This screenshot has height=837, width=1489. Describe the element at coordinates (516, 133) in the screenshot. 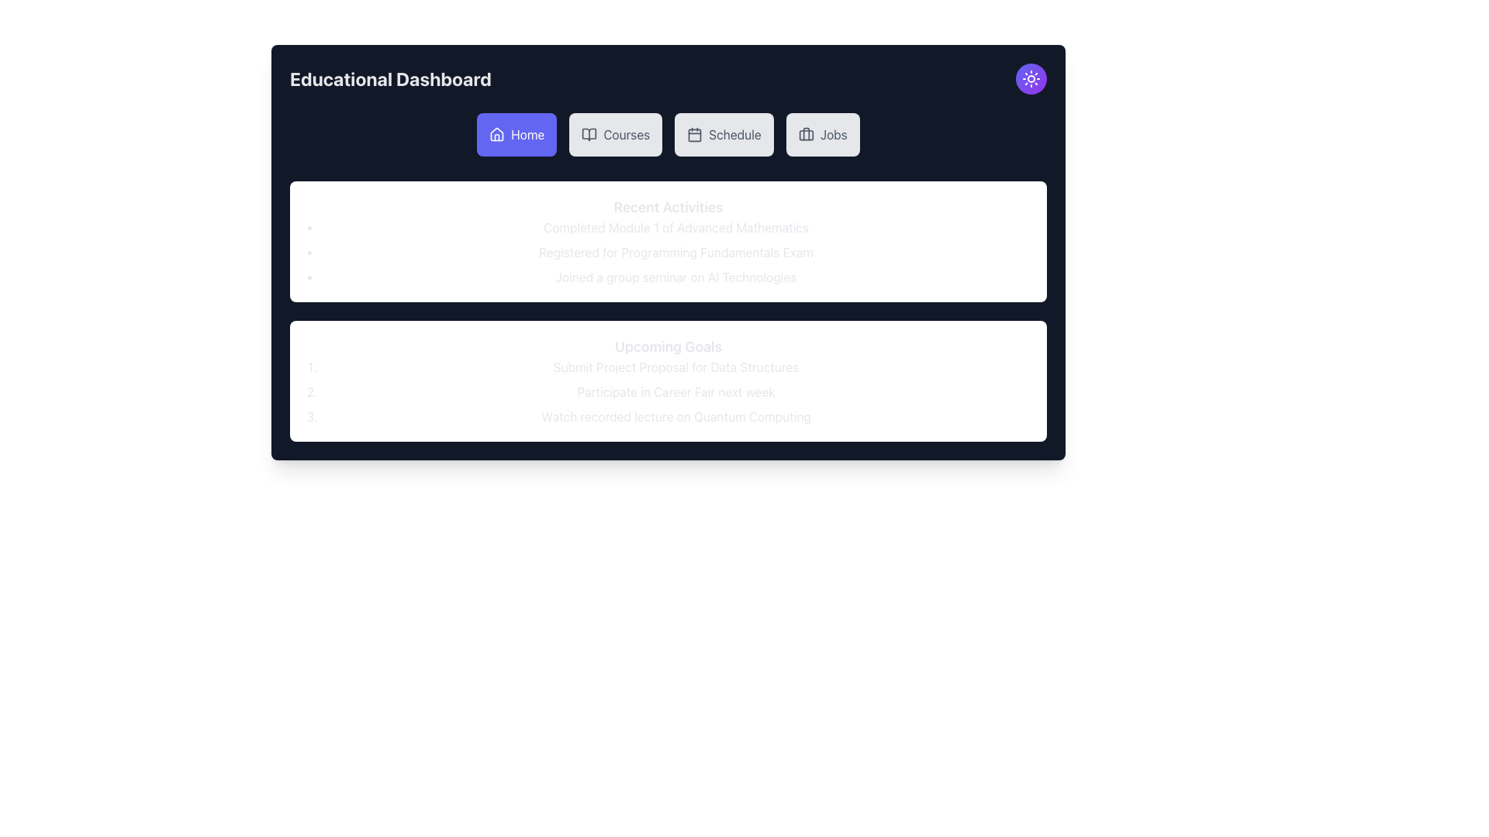

I see `the 'Home' button with a house icon and vibrant indigo background` at that location.